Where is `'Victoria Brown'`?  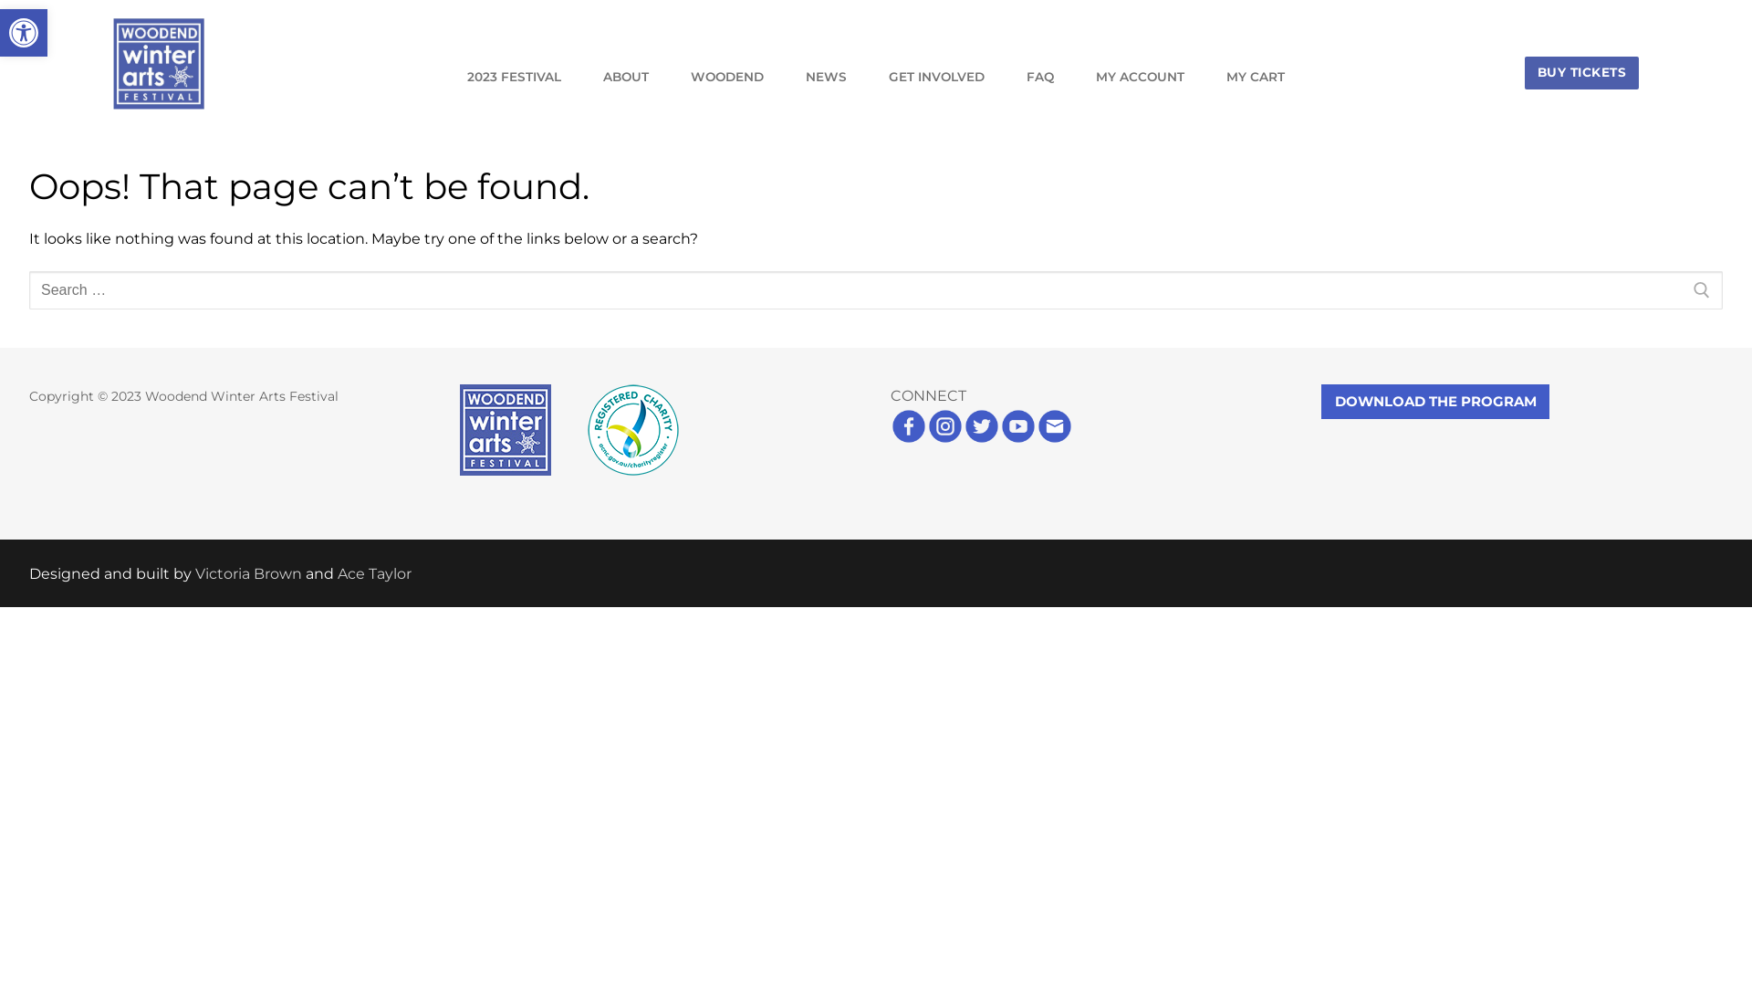
'Victoria Brown' is located at coordinates (247, 572).